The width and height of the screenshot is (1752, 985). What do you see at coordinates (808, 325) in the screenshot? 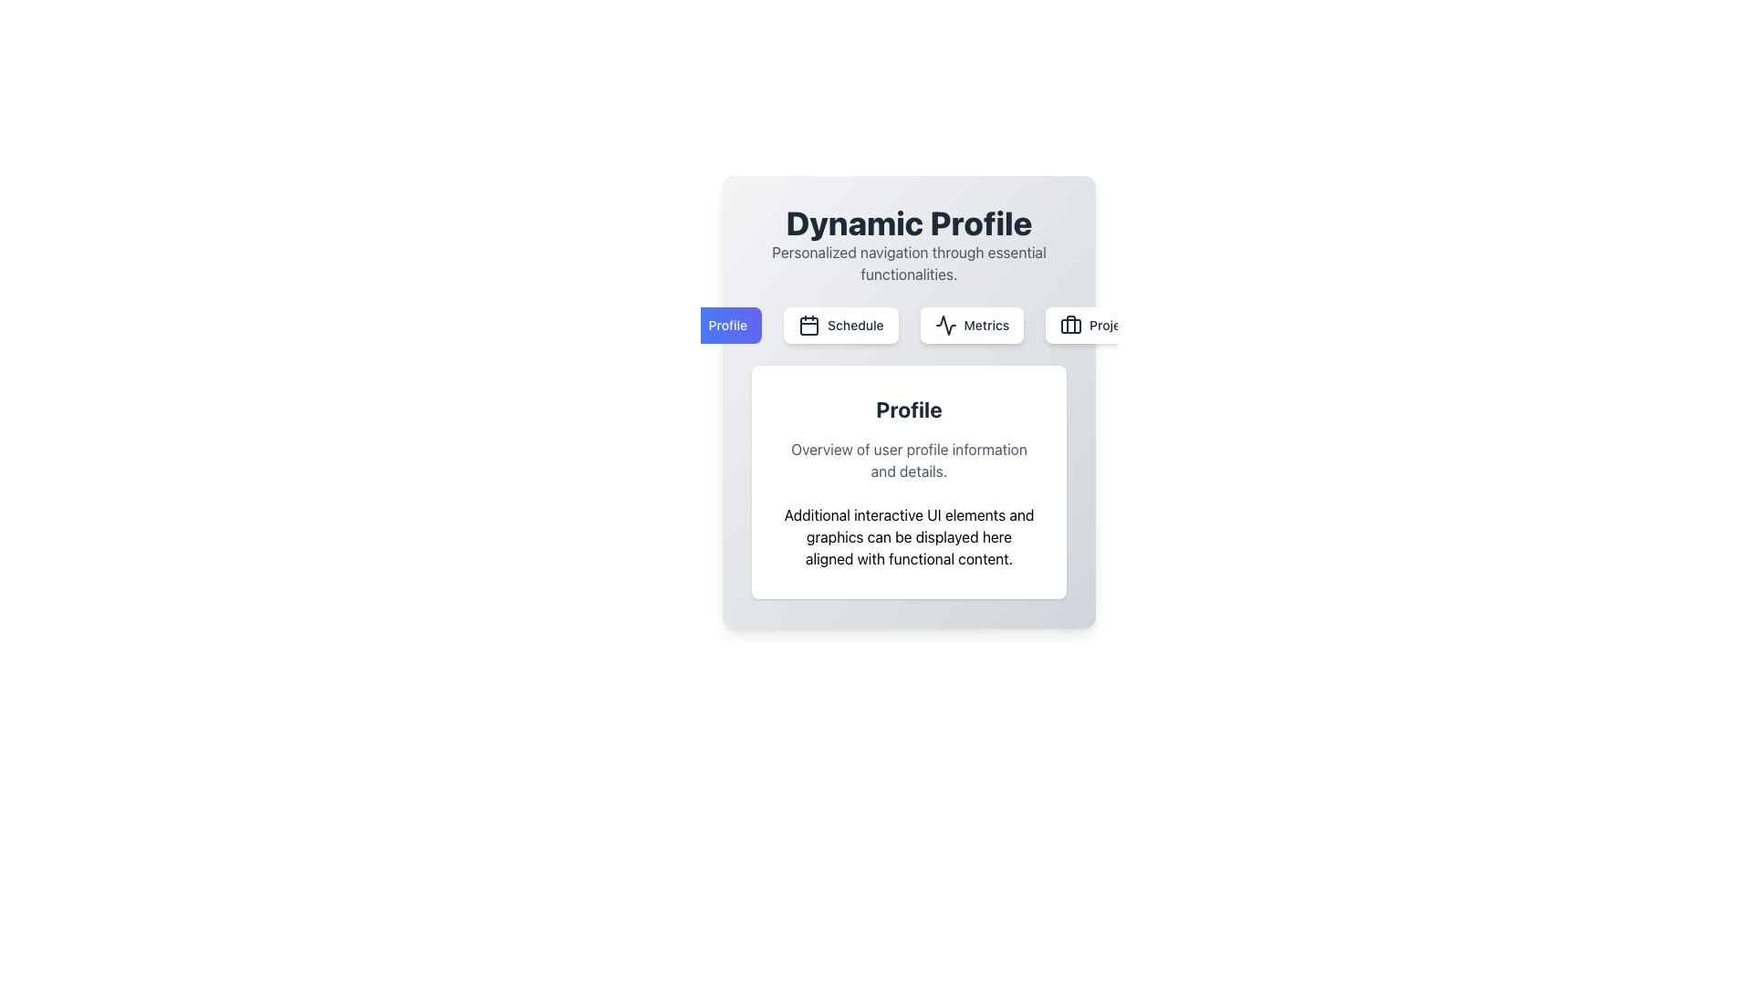
I see `the calendar icon that is part of the 'Schedule' button, which is positioned second from the left in the navigation row under the 'Dynamic Profile' header` at bounding box center [808, 325].